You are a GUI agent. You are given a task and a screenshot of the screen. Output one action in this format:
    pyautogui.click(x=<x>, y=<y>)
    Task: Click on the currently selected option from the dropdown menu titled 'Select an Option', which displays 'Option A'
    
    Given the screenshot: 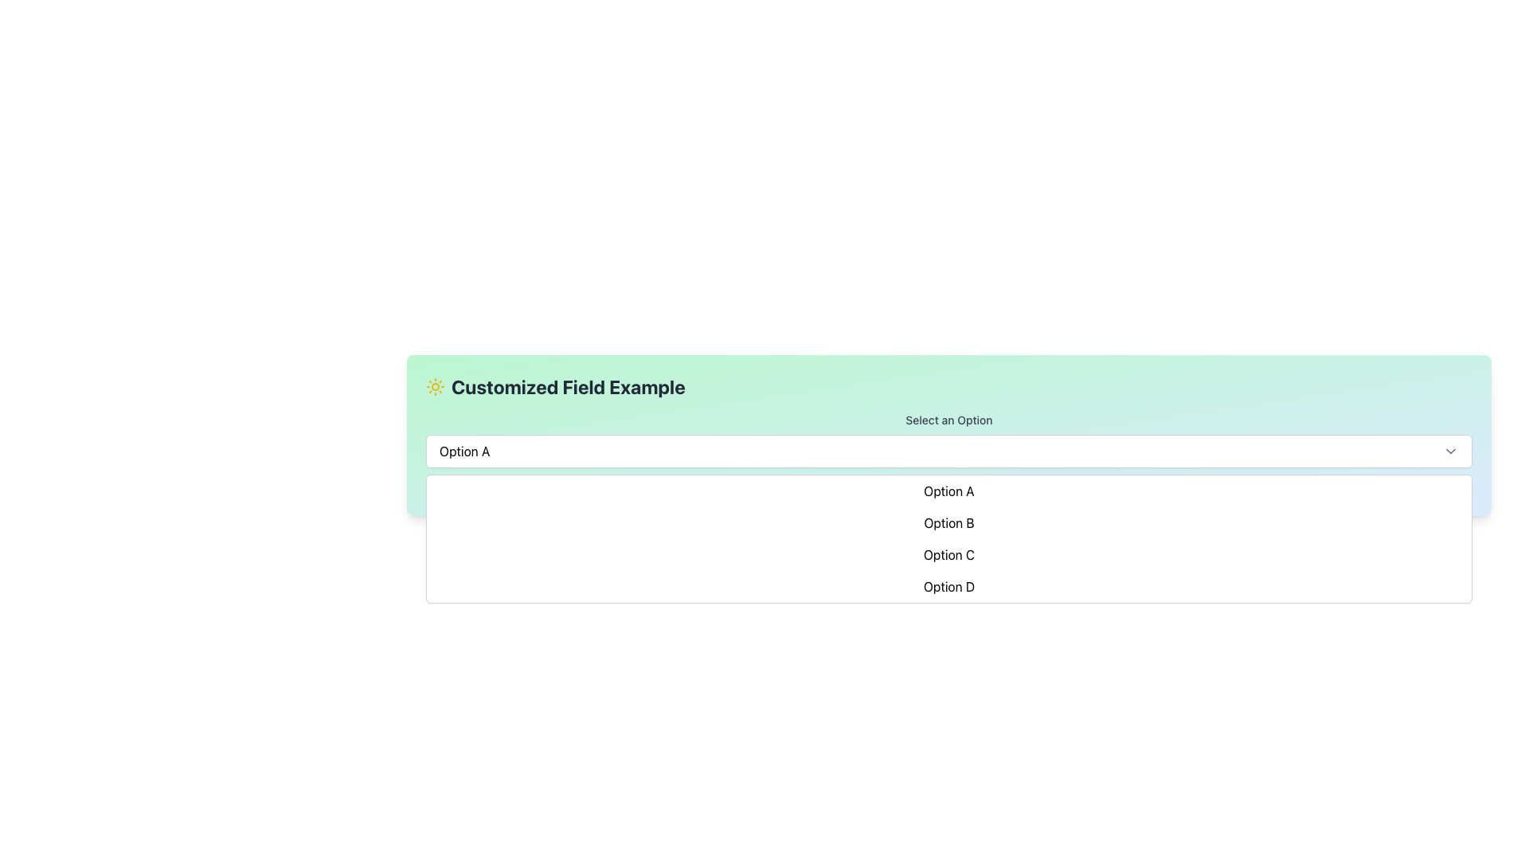 What is the action you would take?
    pyautogui.click(x=948, y=451)
    